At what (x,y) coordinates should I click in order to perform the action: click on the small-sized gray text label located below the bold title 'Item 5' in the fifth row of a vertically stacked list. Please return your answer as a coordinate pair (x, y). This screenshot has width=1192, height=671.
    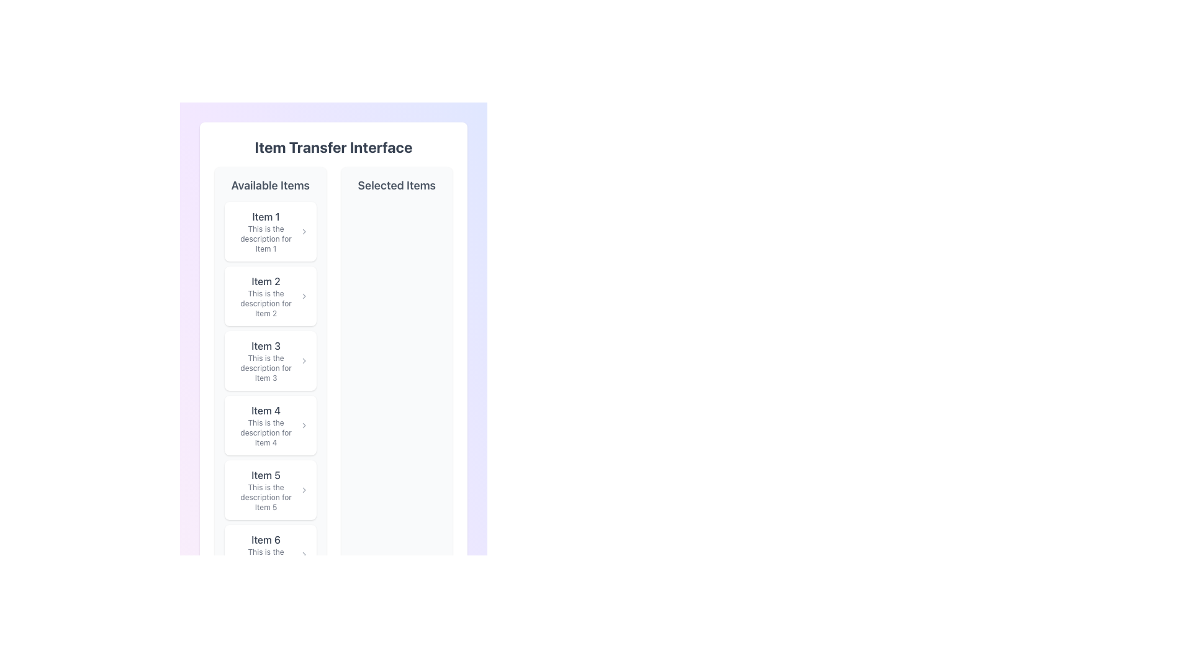
    Looking at the image, I should click on (265, 497).